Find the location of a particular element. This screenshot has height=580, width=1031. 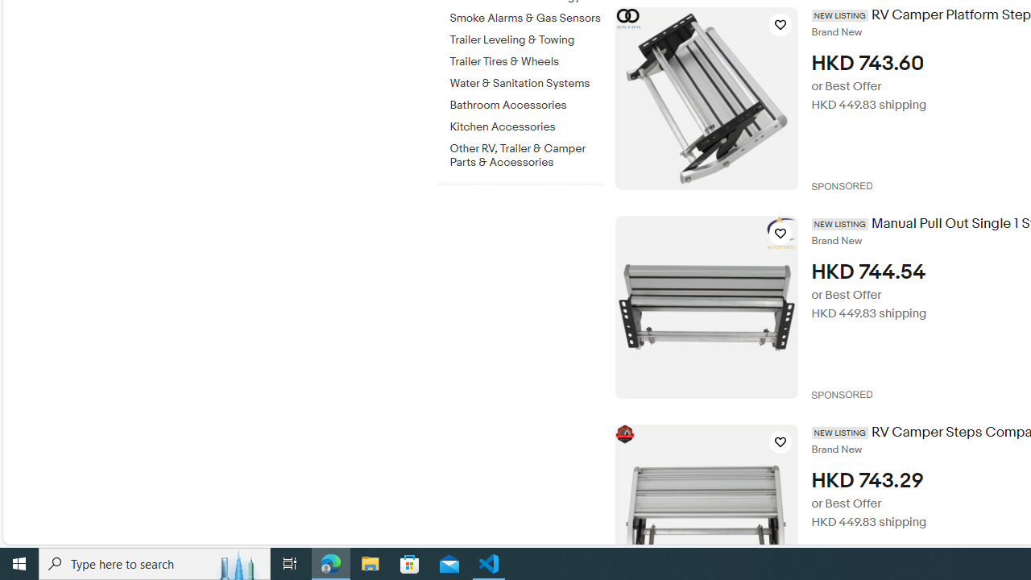

'Kitchen Accessories' is located at coordinates (526, 123).